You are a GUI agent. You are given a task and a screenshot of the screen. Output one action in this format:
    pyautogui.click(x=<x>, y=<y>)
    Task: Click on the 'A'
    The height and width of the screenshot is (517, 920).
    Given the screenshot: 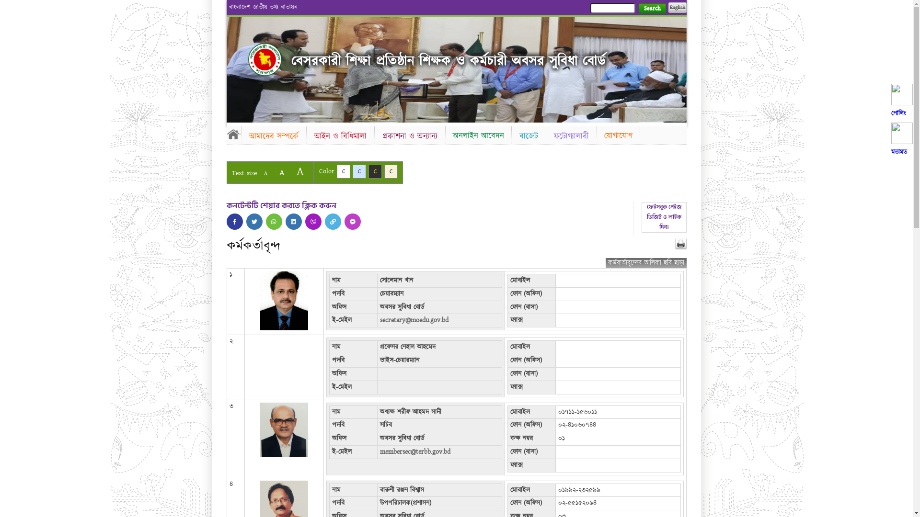 What is the action you would take?
    pyautogui.click(x=265, y=173)
    